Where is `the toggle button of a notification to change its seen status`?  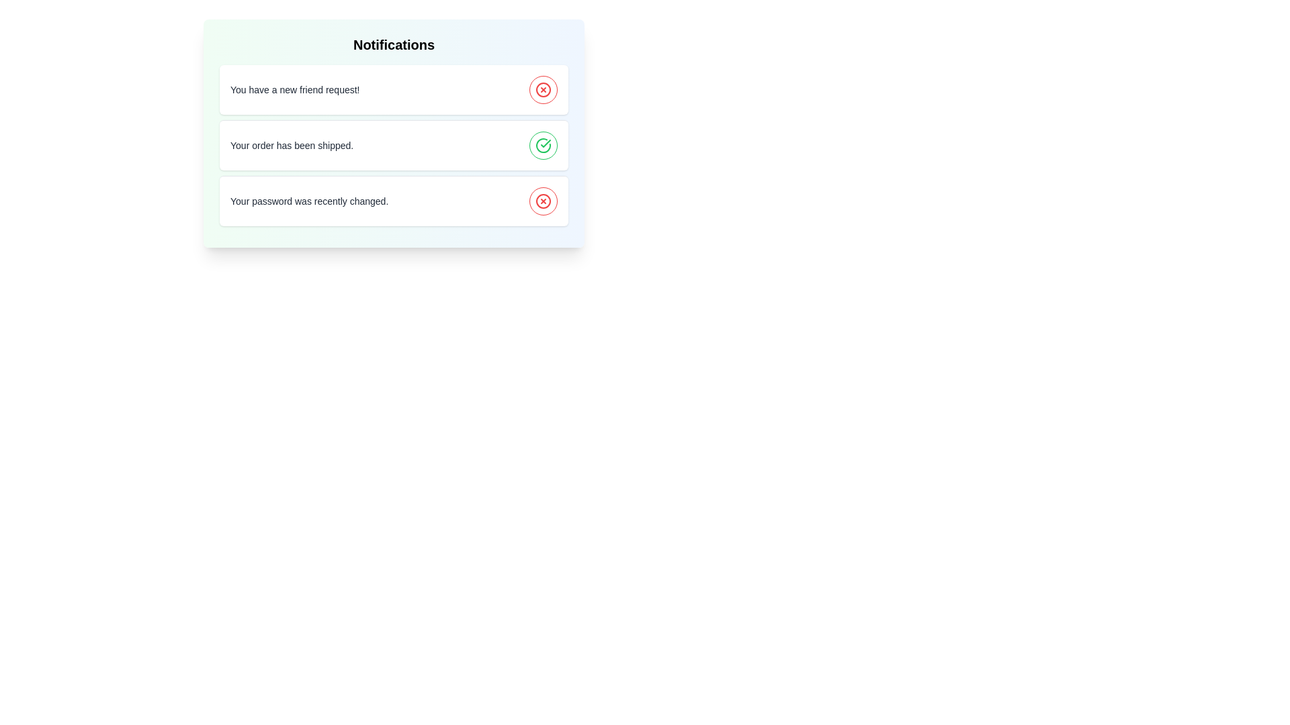
the toggle button of a notification to change its seen status is located at coordinates (544, 90).